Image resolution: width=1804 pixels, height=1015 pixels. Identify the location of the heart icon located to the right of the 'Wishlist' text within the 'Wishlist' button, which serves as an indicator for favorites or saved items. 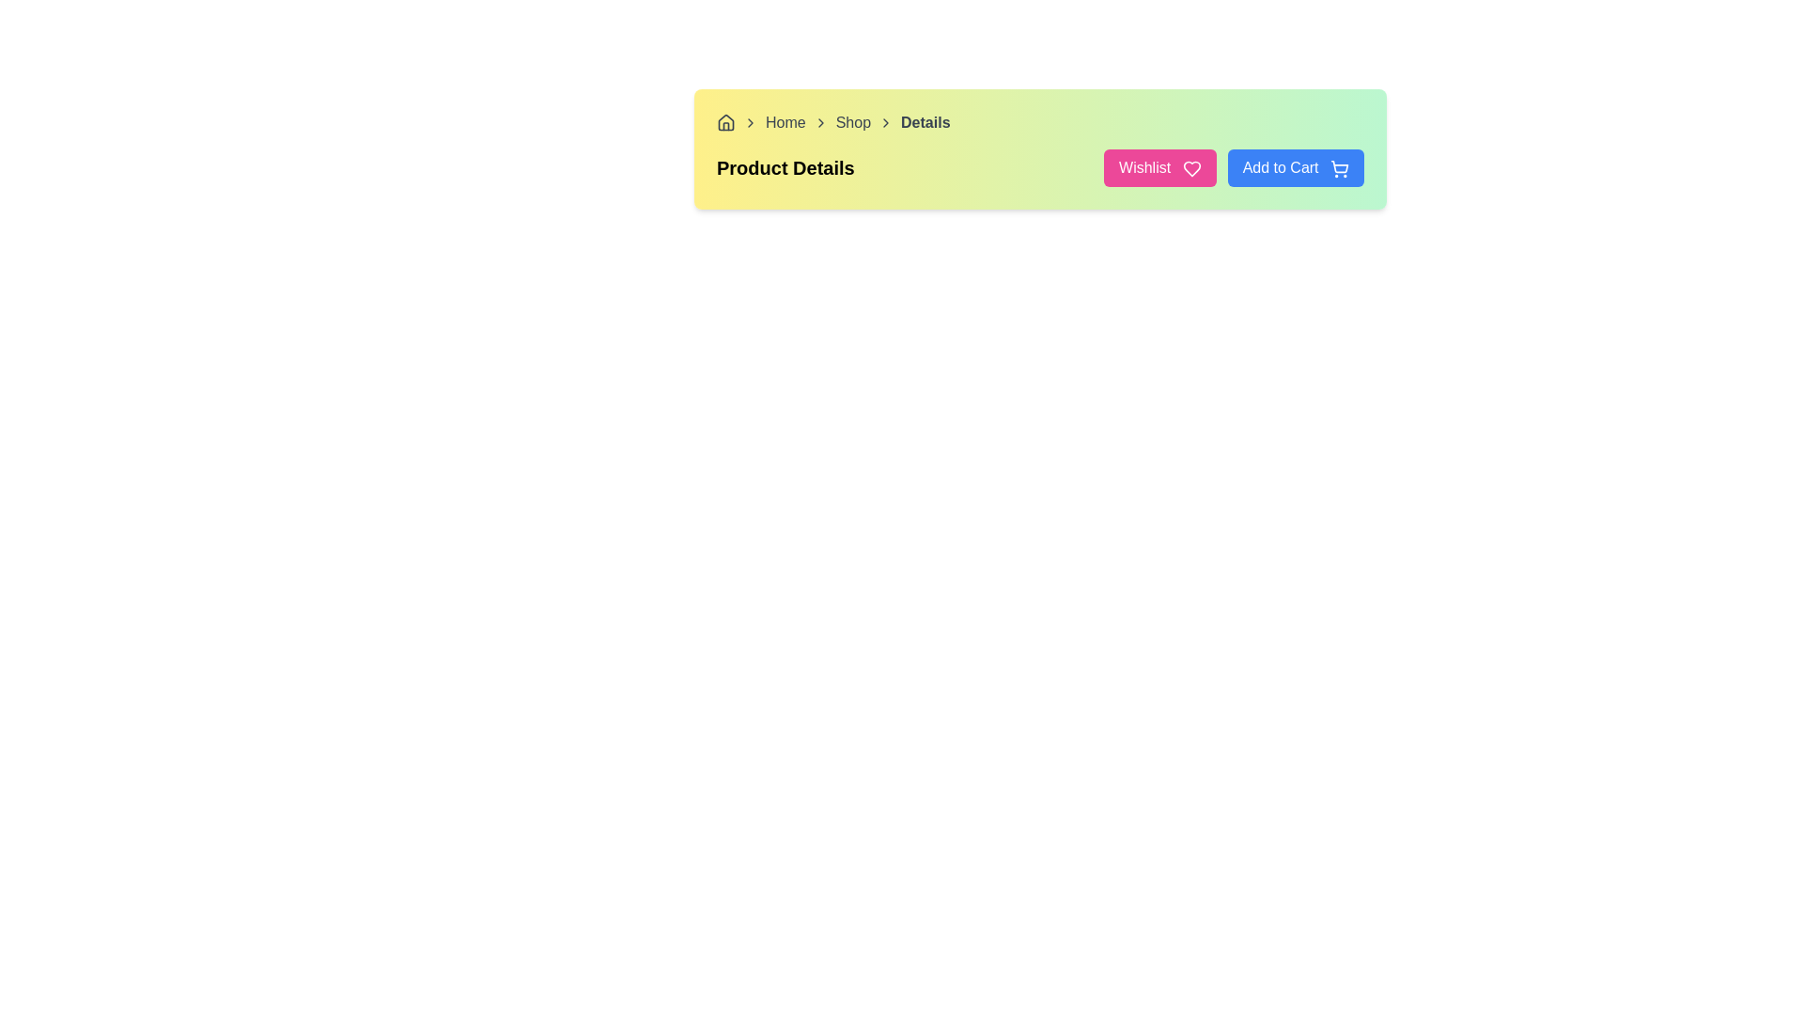
(1190, 167).